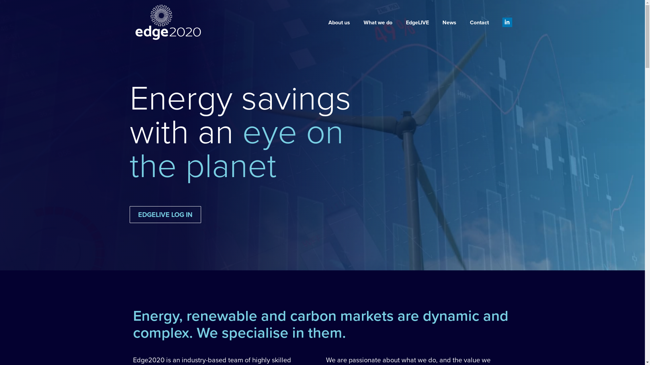 This screenshot has width=650, height=365. I want to click on 'What we do', so click(377, 22).